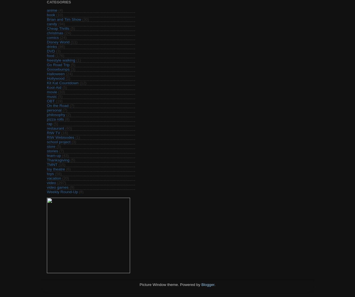 The image size is (355, 297). What do you see at coordinates (56, 114) in the screenshot?
I see `'philosophy'` at bounding box center [56, 114].